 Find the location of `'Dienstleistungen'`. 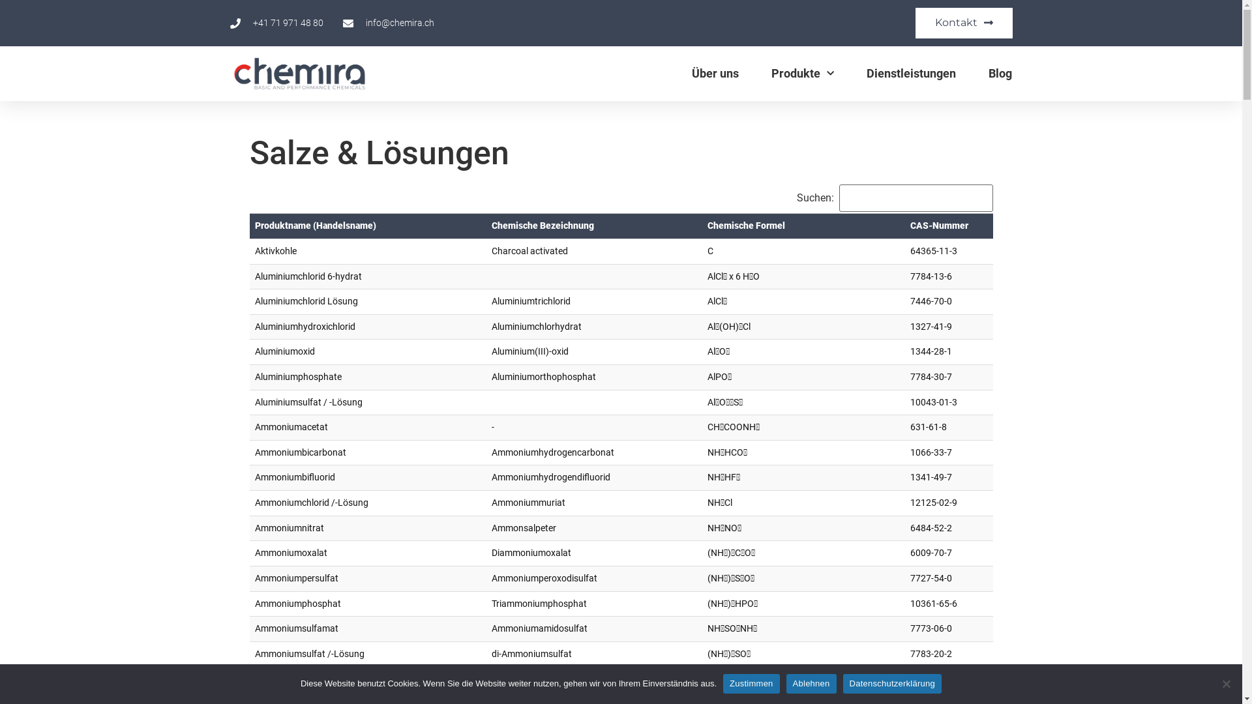

'Dienstleistungen' is located at coordinates (910, 73).